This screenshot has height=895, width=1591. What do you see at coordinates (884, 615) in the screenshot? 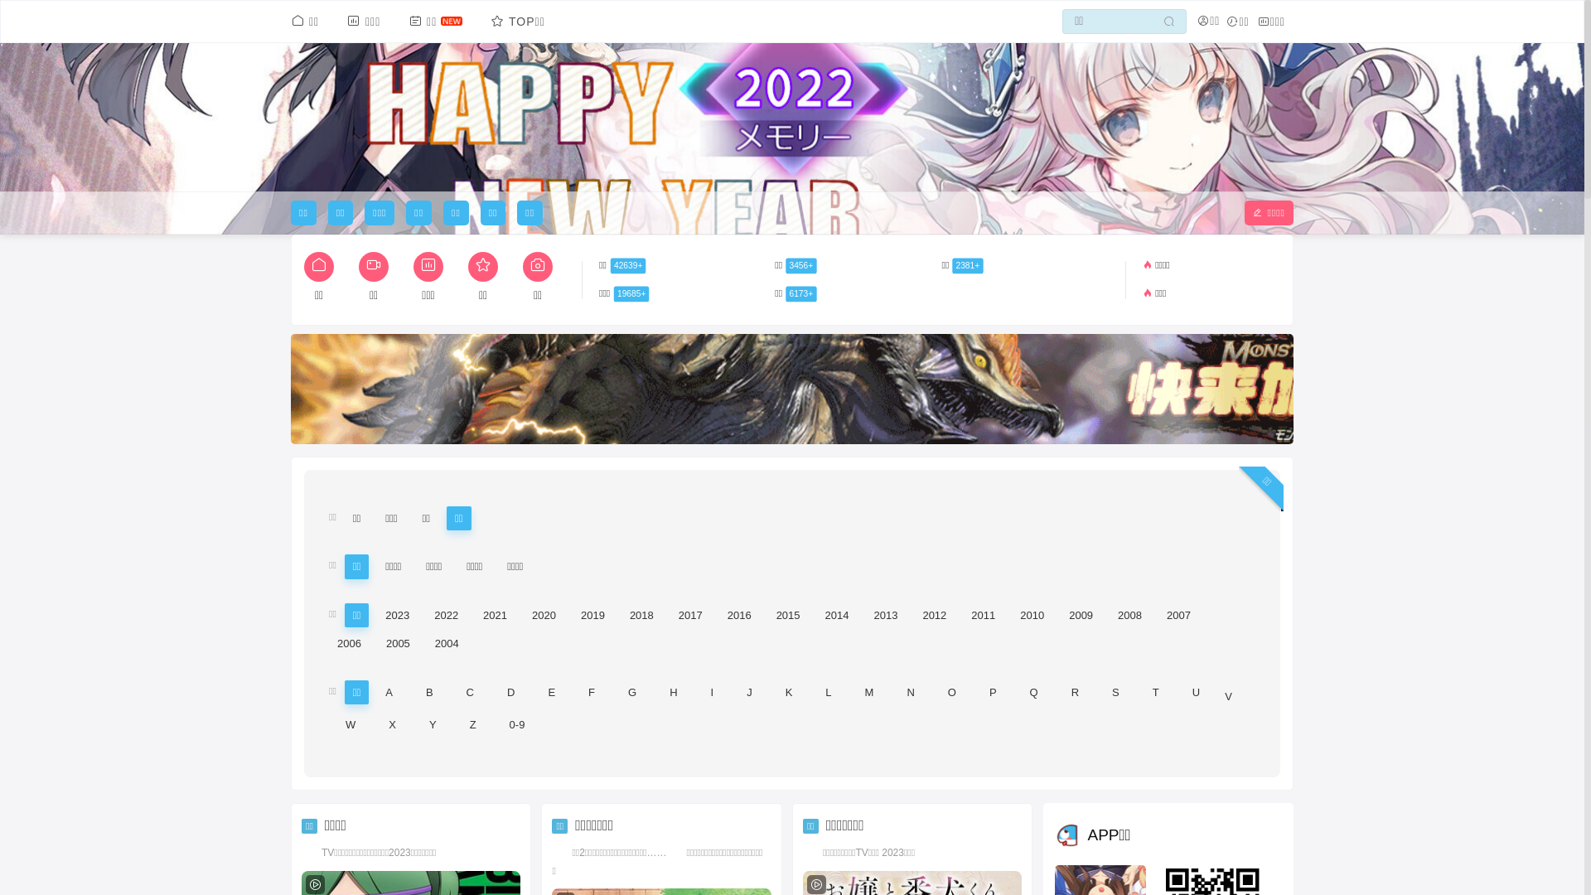
I see `'2013'` at bounding box center [884, 615].